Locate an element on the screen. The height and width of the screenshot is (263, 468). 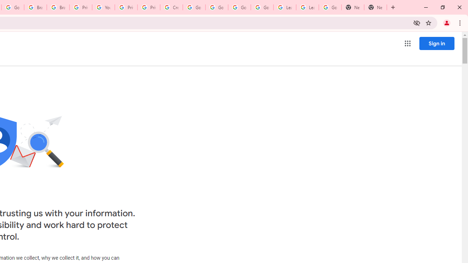
'New Tab' is located at coordinates (353, 7).